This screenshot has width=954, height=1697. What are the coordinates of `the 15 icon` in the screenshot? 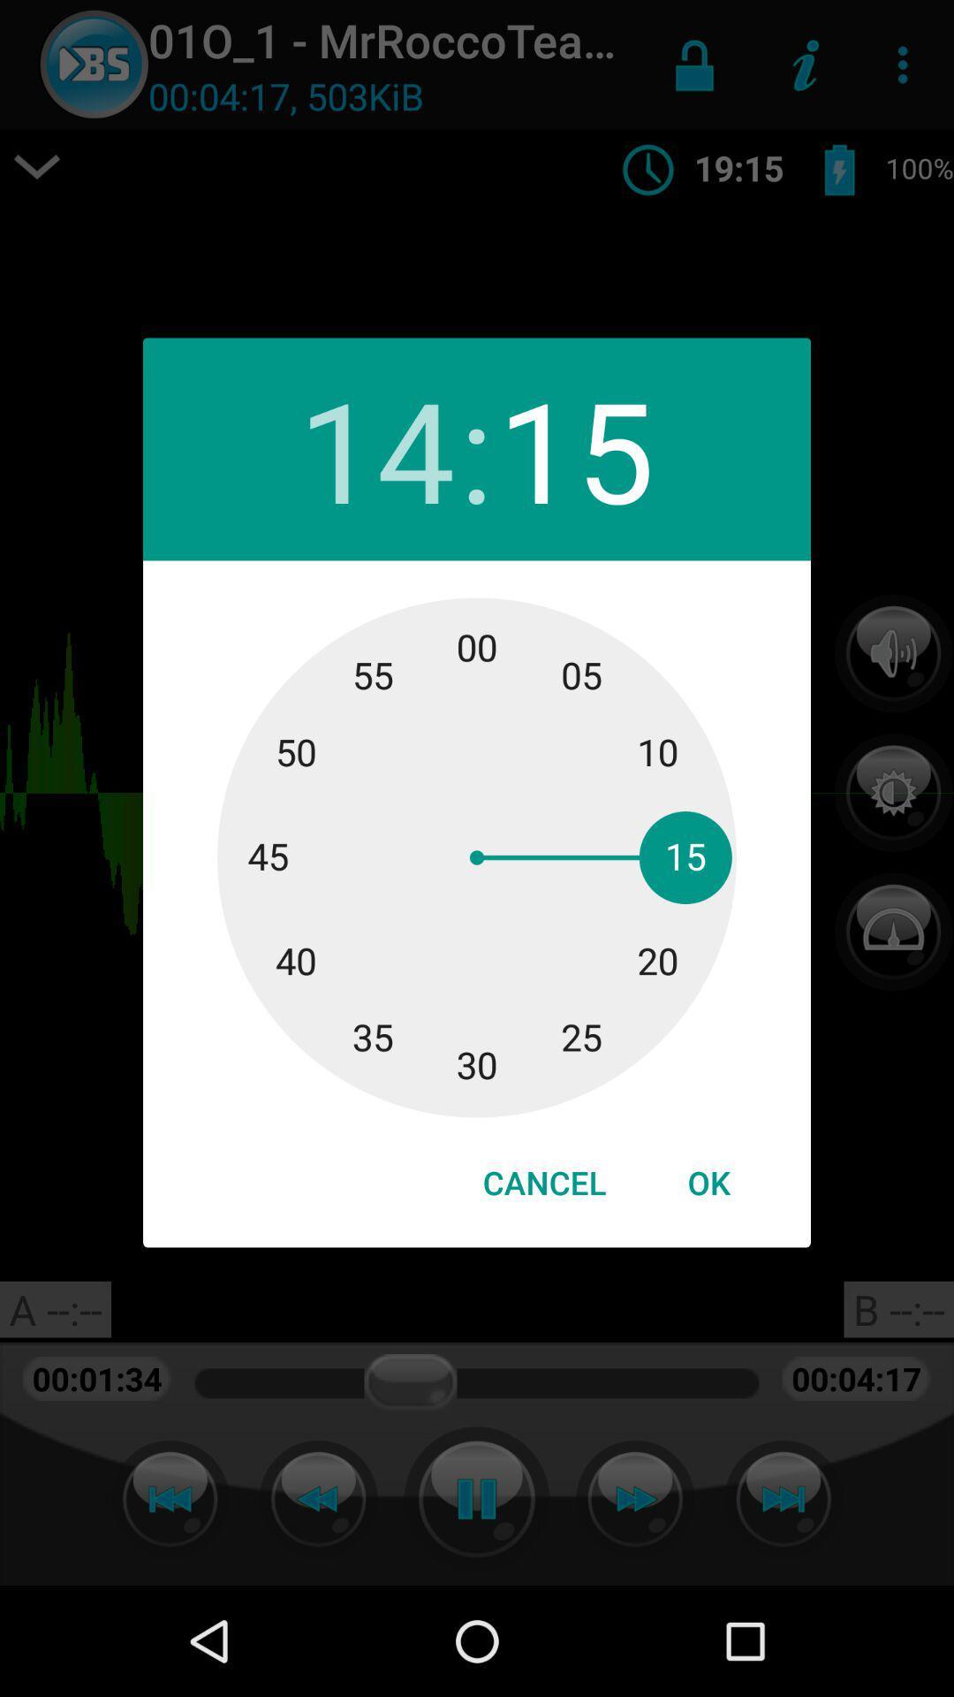 It's located at (576, 449).